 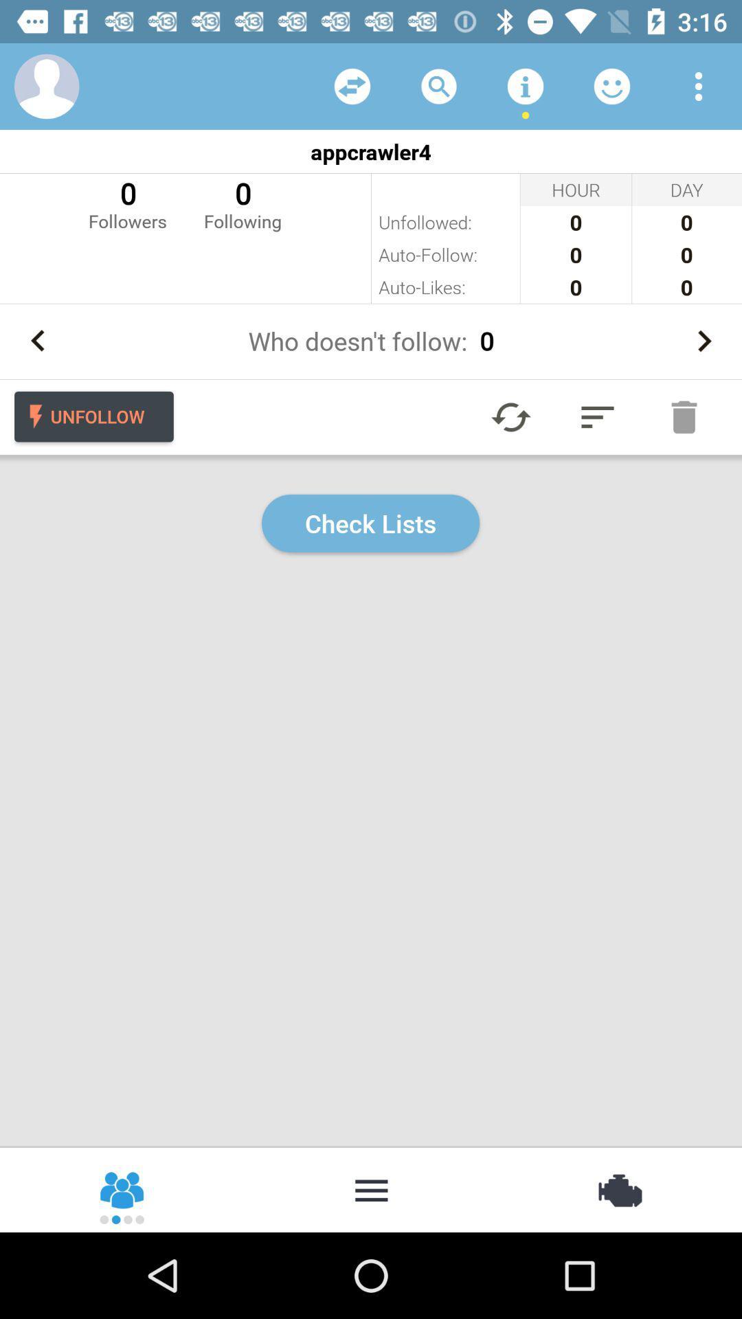 I want to click on the more icon, so click(x=371, y=1188).